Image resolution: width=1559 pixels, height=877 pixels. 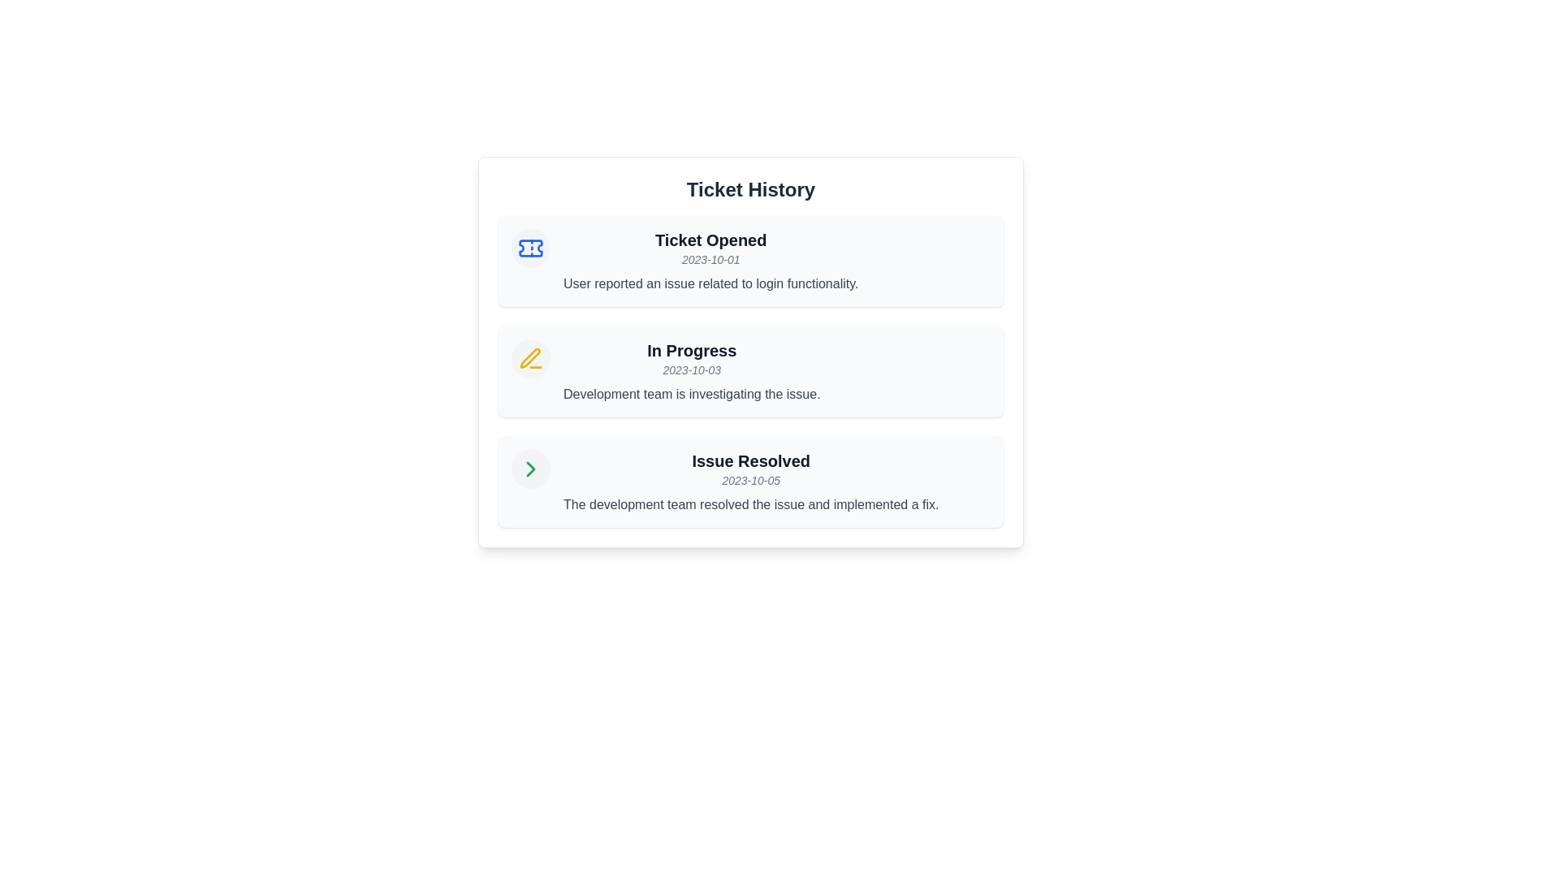 What do you see at coordinates (692, 395) in the screenshot?
I see `information from the Text Label that indicates the development team is currently working on resolving an issue, positioned below the title and date in the 'In Progress' card` at bounding box center [692, 395].